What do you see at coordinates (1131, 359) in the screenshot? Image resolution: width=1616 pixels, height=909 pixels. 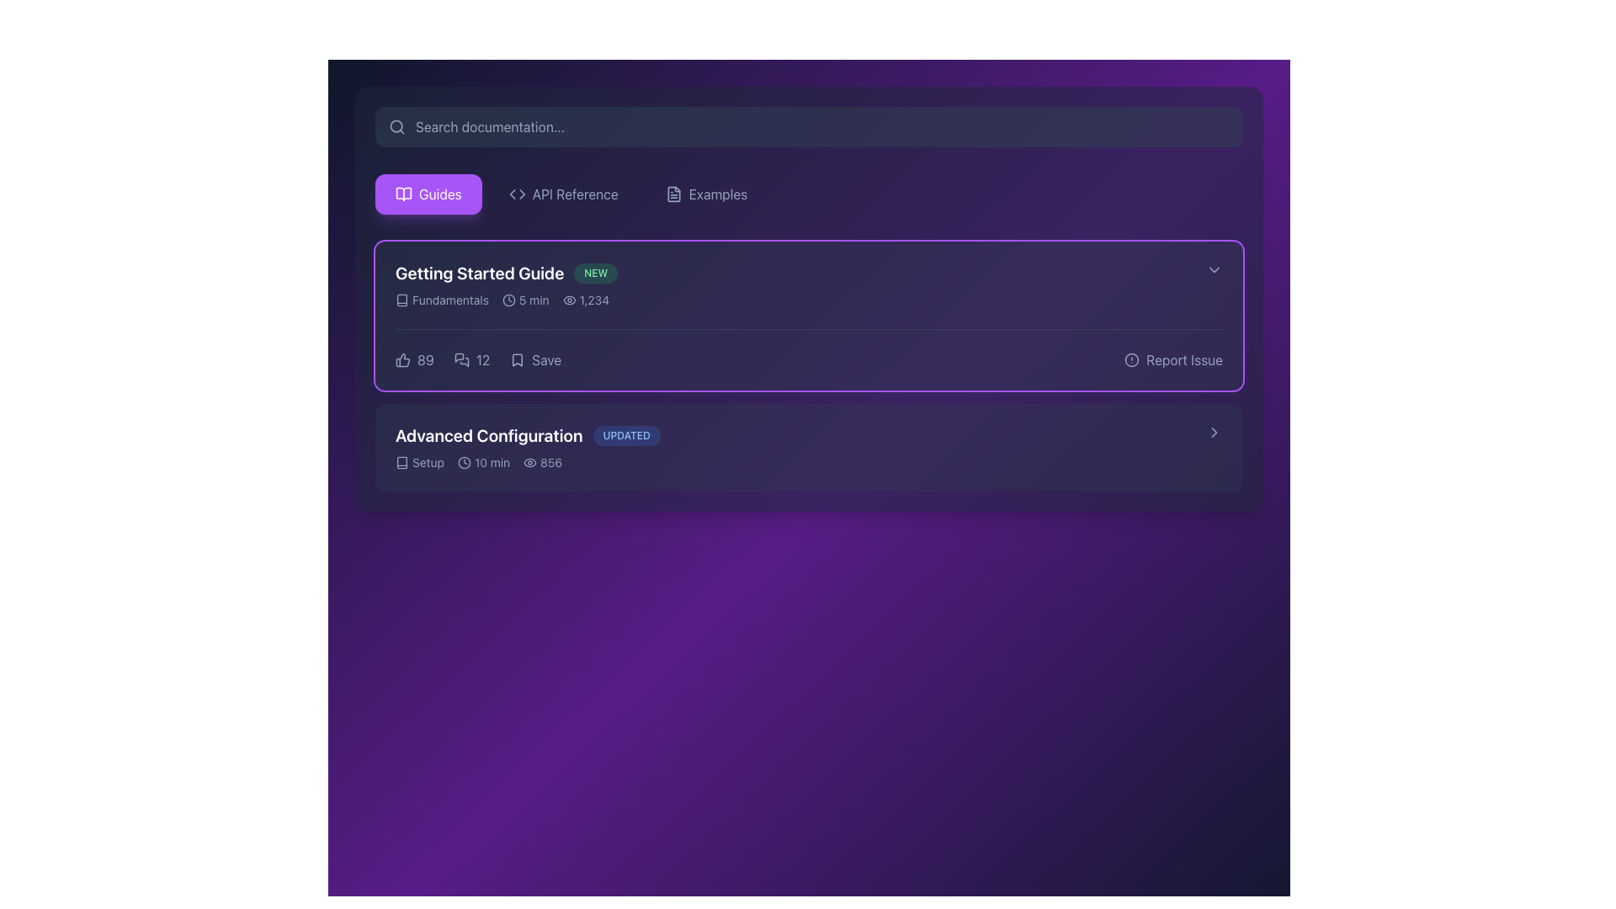 I see `the circular icon with an outer border and an inner dot, which is located before the 'Report Issue' text in the 'Getting Started Guide' section` at bounding box center [1131, 359].